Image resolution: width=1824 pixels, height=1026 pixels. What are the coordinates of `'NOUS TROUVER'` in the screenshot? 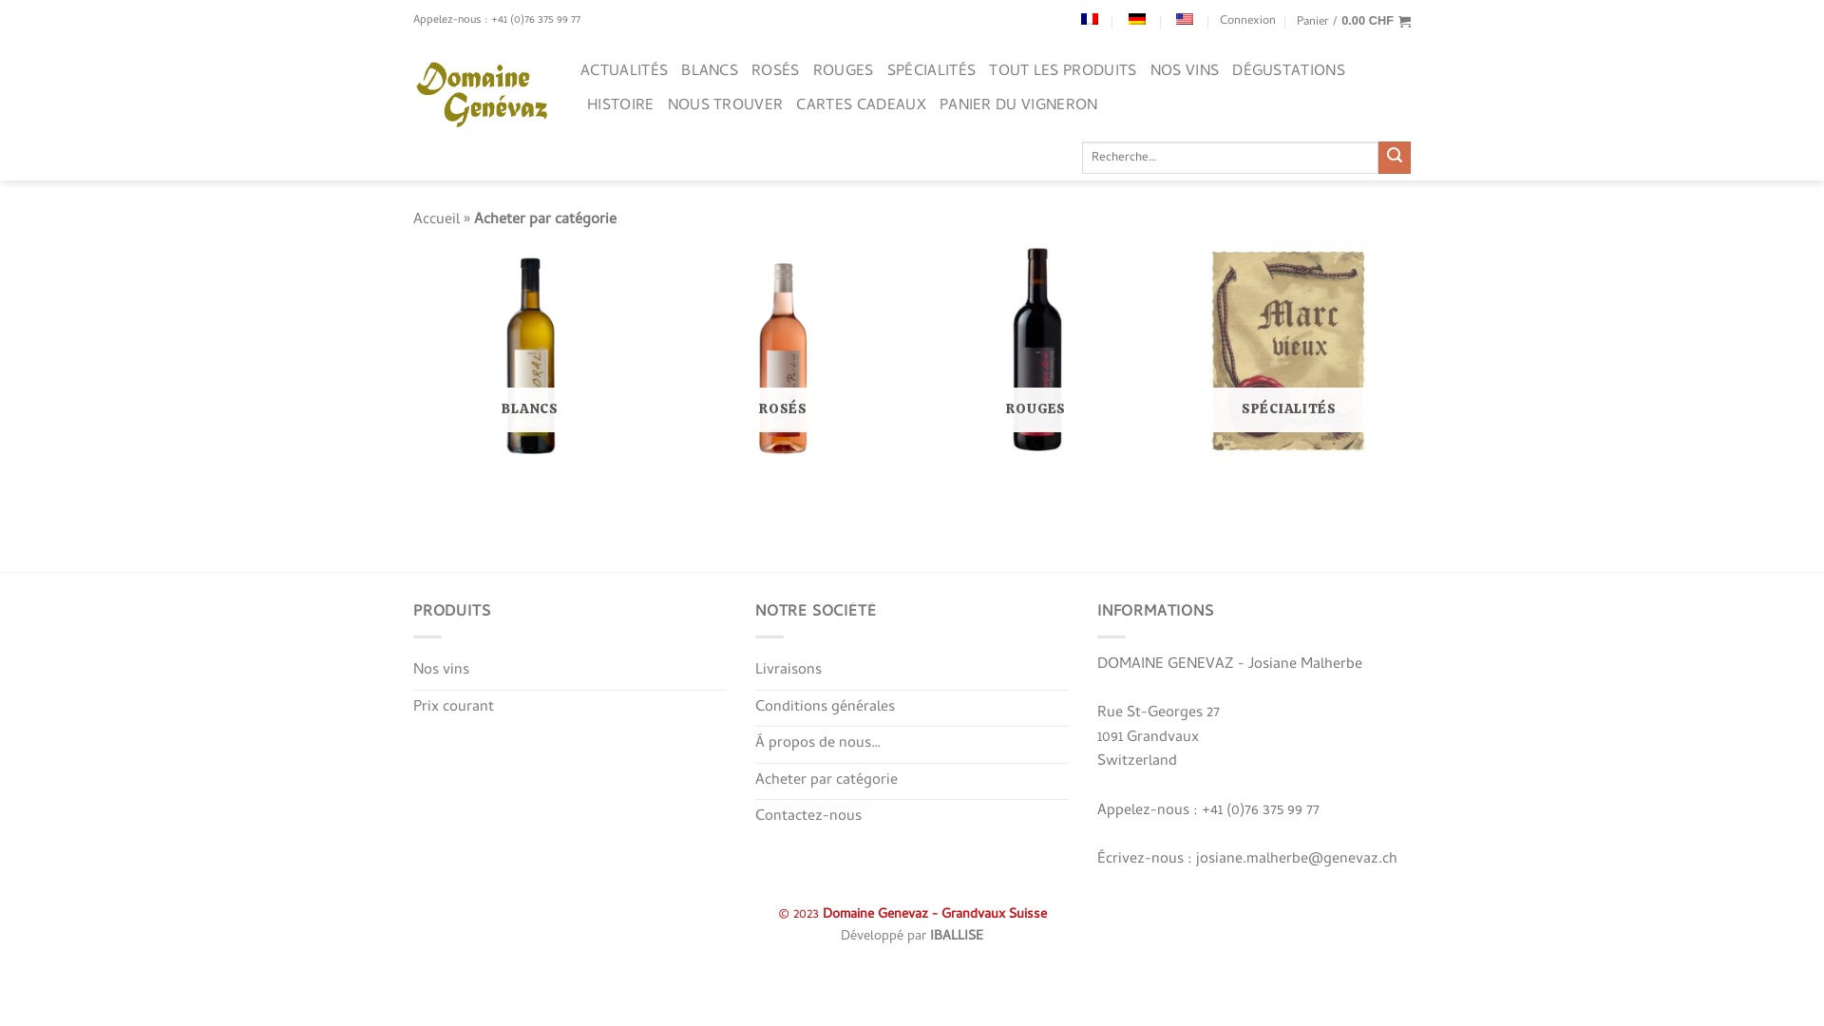 It's located at (724, 105).